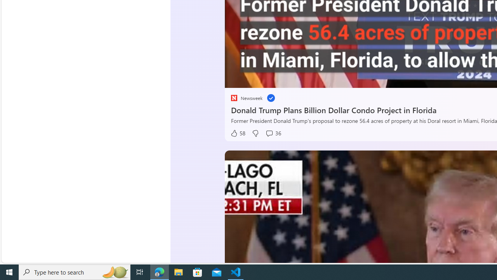  What do you see at coordinates (246, 98) in the screenshot?
I see `'placeholder Newsweek'` at bounding box center [246, 98].